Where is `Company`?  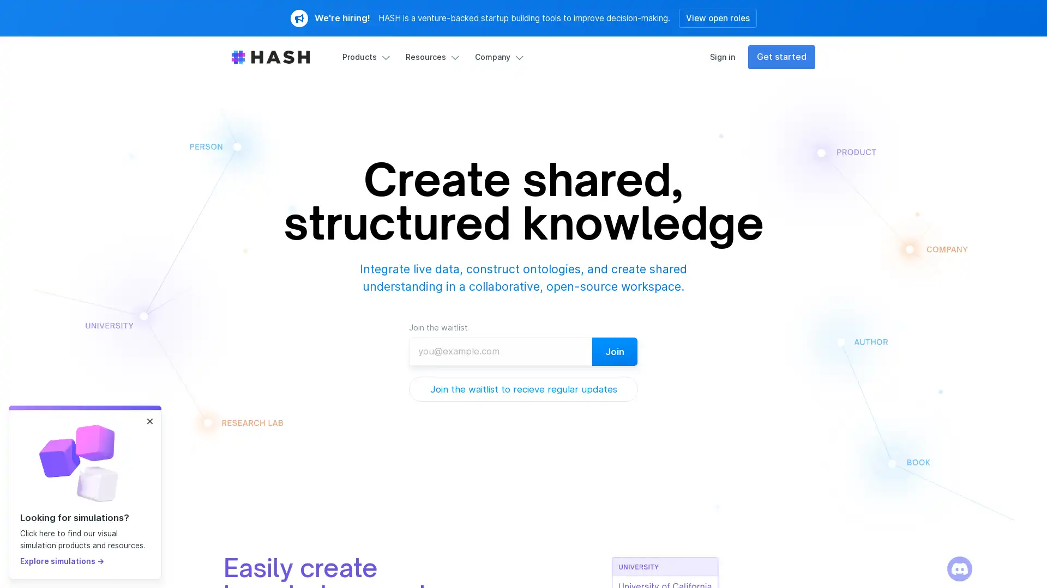
Company is located at coordinates (497, 57).